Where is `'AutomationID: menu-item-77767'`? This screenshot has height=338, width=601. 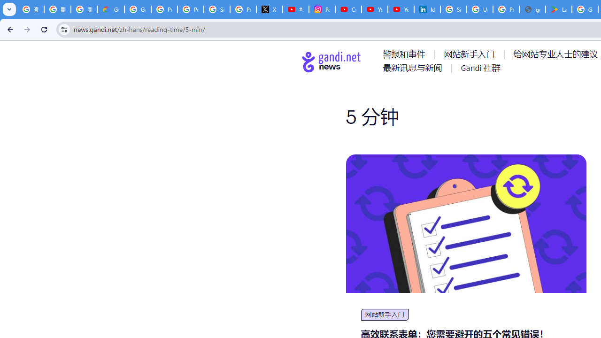
'AutomationID: menu-item-77767' is located at coordinates (480, 67).